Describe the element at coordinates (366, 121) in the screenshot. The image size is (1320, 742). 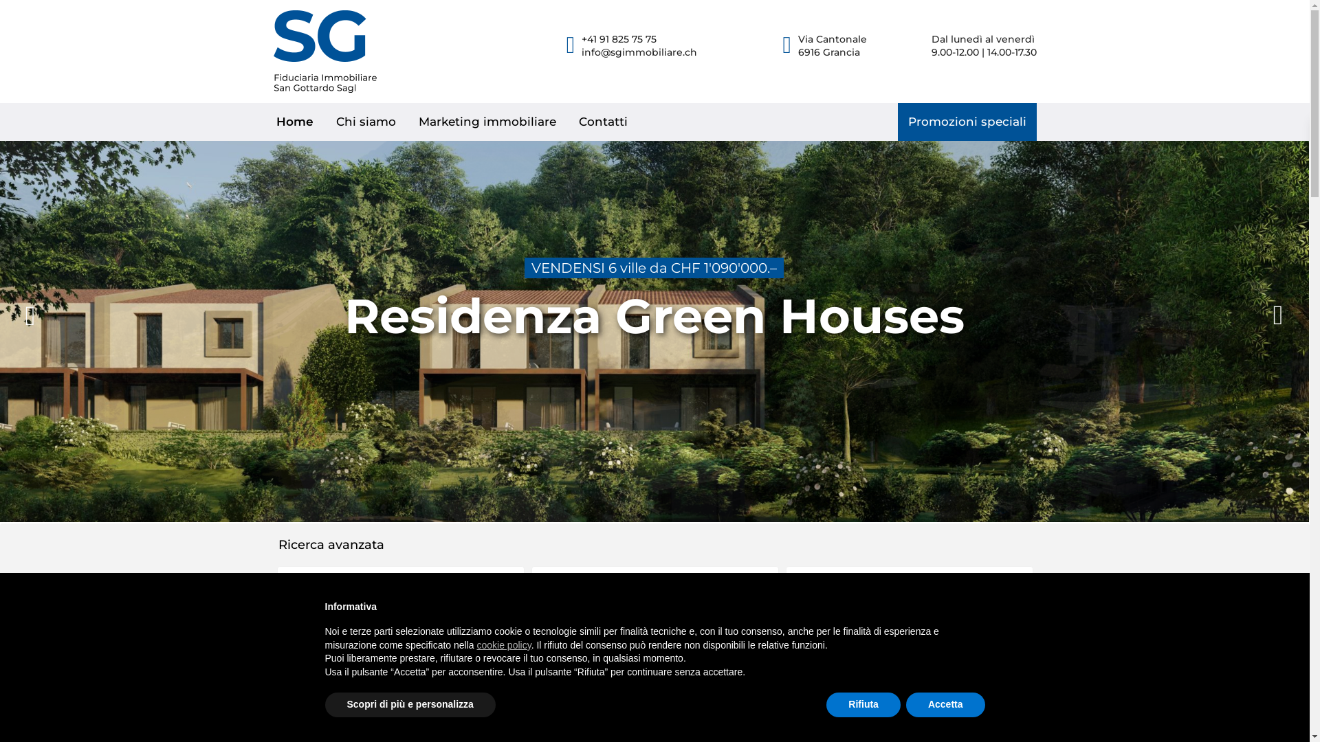
I see `'Chi siamo'` at that location.